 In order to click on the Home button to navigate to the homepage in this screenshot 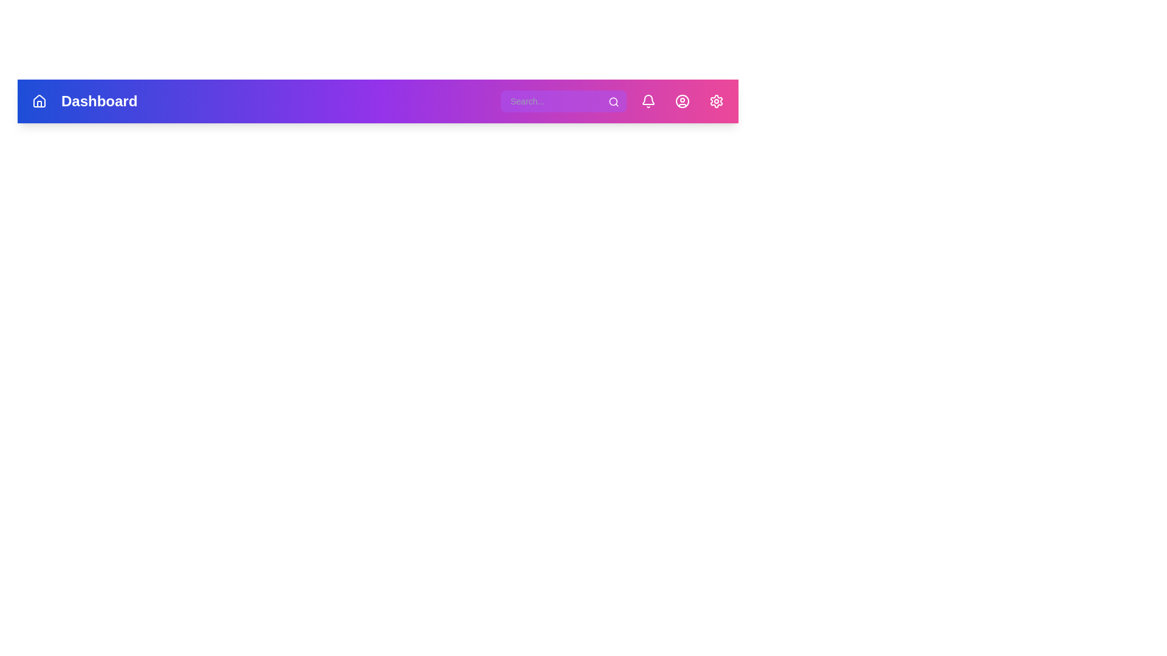, I will do `click(40, 100)`.